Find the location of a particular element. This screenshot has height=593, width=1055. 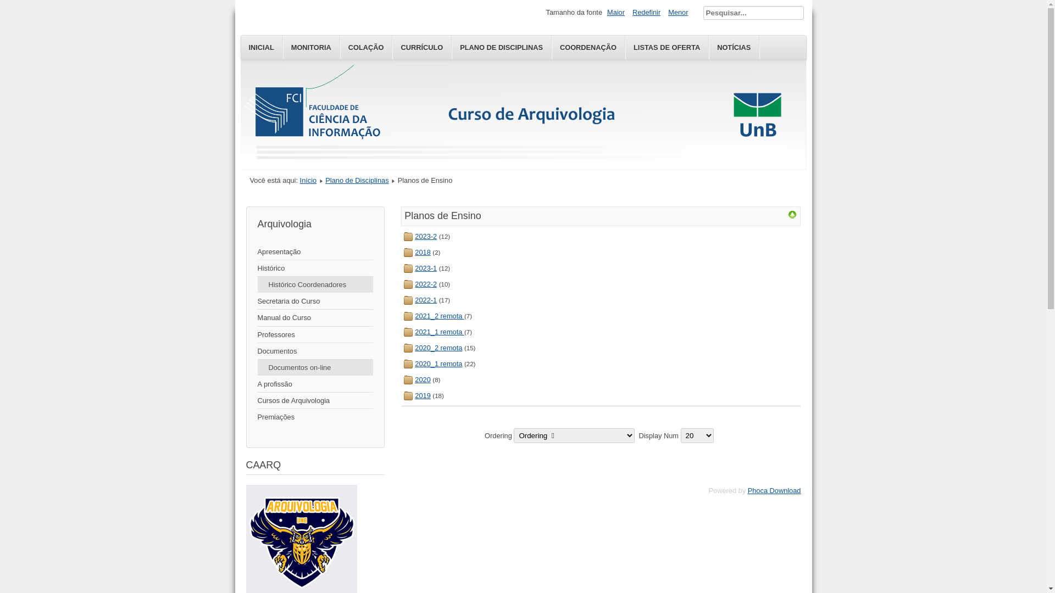

'2021_2 remota' is located at coordinates (440, 316).